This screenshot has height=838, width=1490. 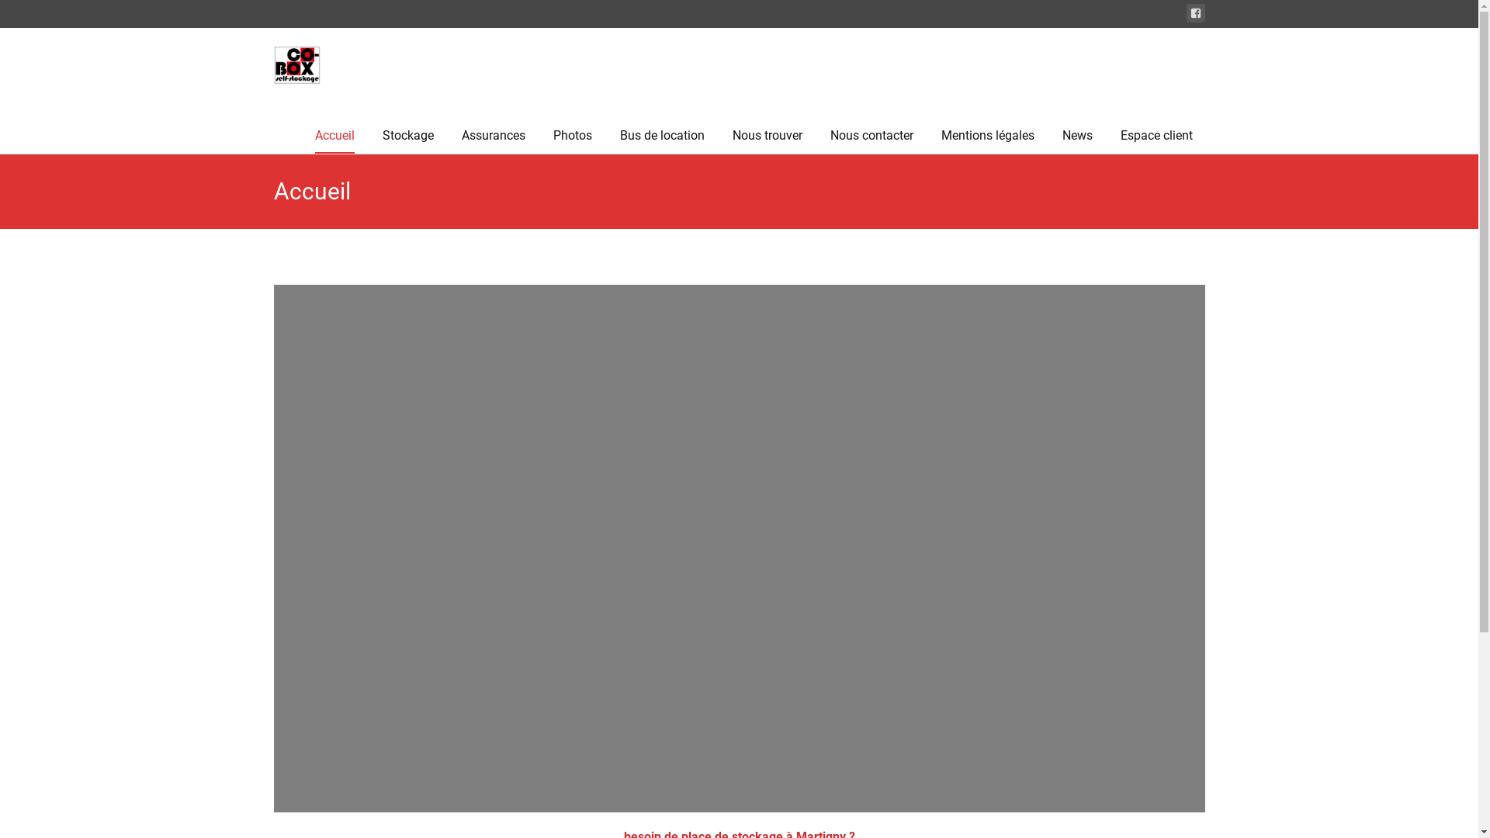 What do you see at coordinates (491, 134) in the screenshot?
I see `'Assurances'` at bounding box center [491, 134].